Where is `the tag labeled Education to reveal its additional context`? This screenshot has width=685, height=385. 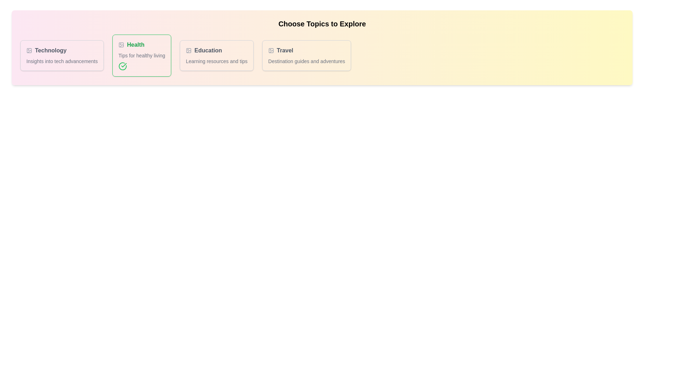
the tag labeled Education to reveal its additional context is located at coordinates (216, 50).